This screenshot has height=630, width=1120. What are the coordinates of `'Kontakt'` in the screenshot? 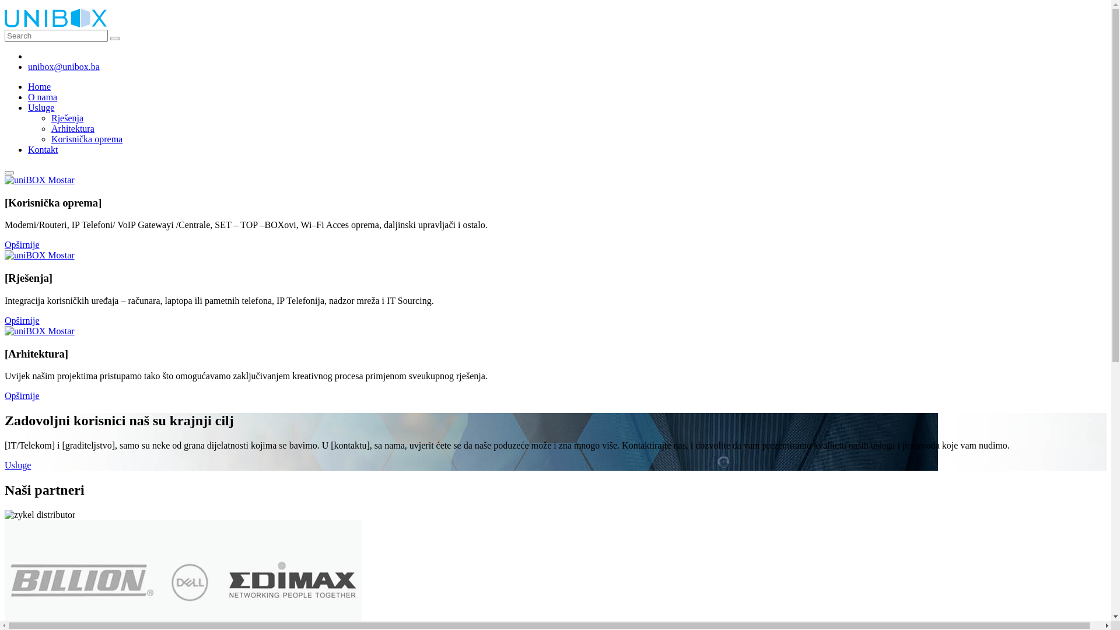 It's located at (43, 149).